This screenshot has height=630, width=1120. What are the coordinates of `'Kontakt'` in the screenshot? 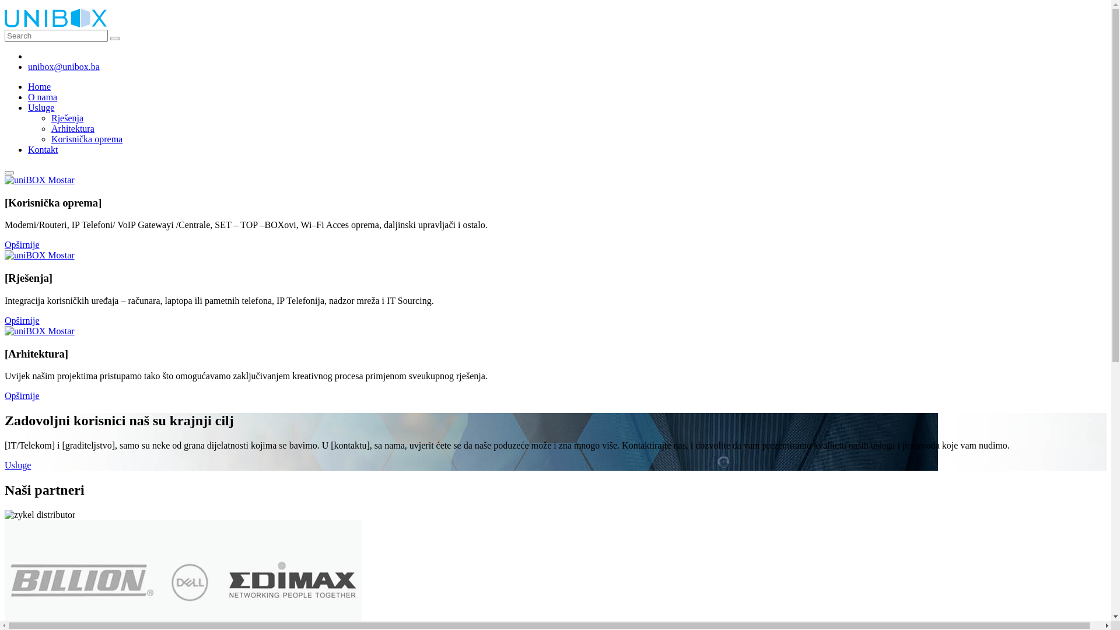 It's located at (43, 149).